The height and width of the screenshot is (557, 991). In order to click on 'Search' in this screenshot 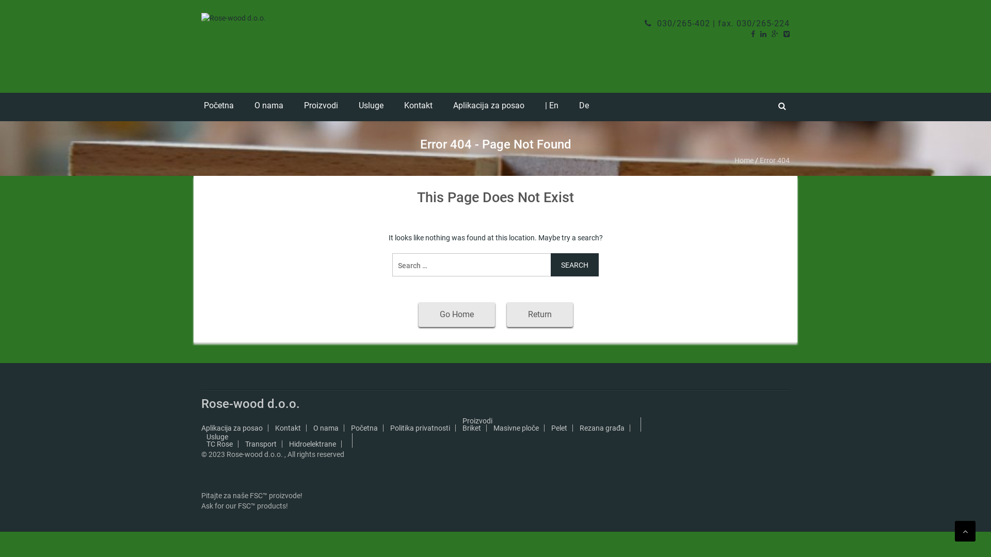, I will do `click(574, 264)`.